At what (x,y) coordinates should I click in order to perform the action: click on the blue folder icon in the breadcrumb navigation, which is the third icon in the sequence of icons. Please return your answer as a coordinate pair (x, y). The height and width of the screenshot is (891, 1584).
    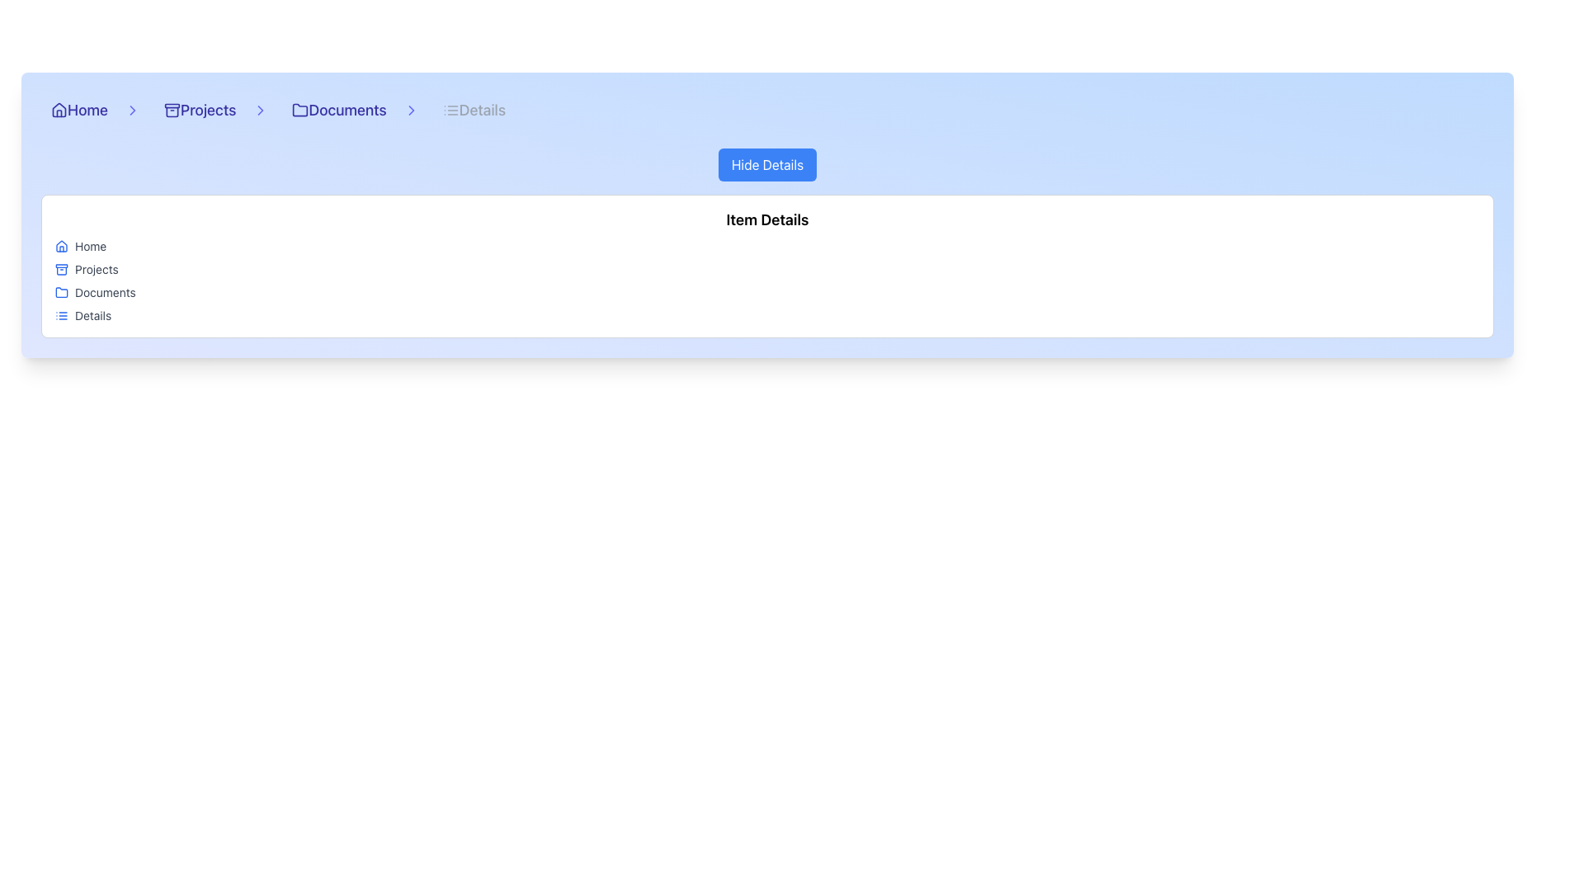
    Looking at the image, I should click on (62, 291).